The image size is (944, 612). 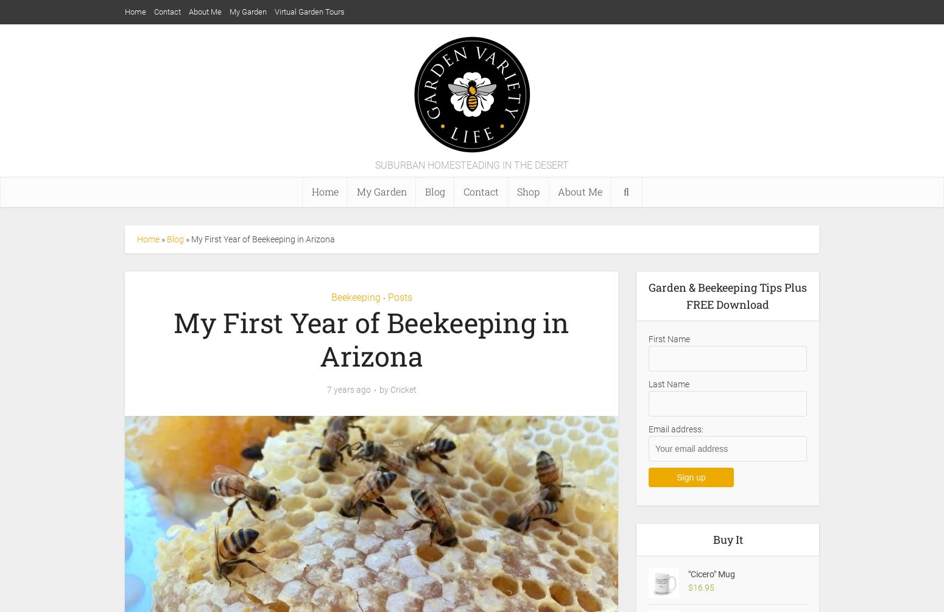 What do you see at coordinates (703, 587) in the screenshot?
I see `'16.95'` at bounding box center [703, 587].